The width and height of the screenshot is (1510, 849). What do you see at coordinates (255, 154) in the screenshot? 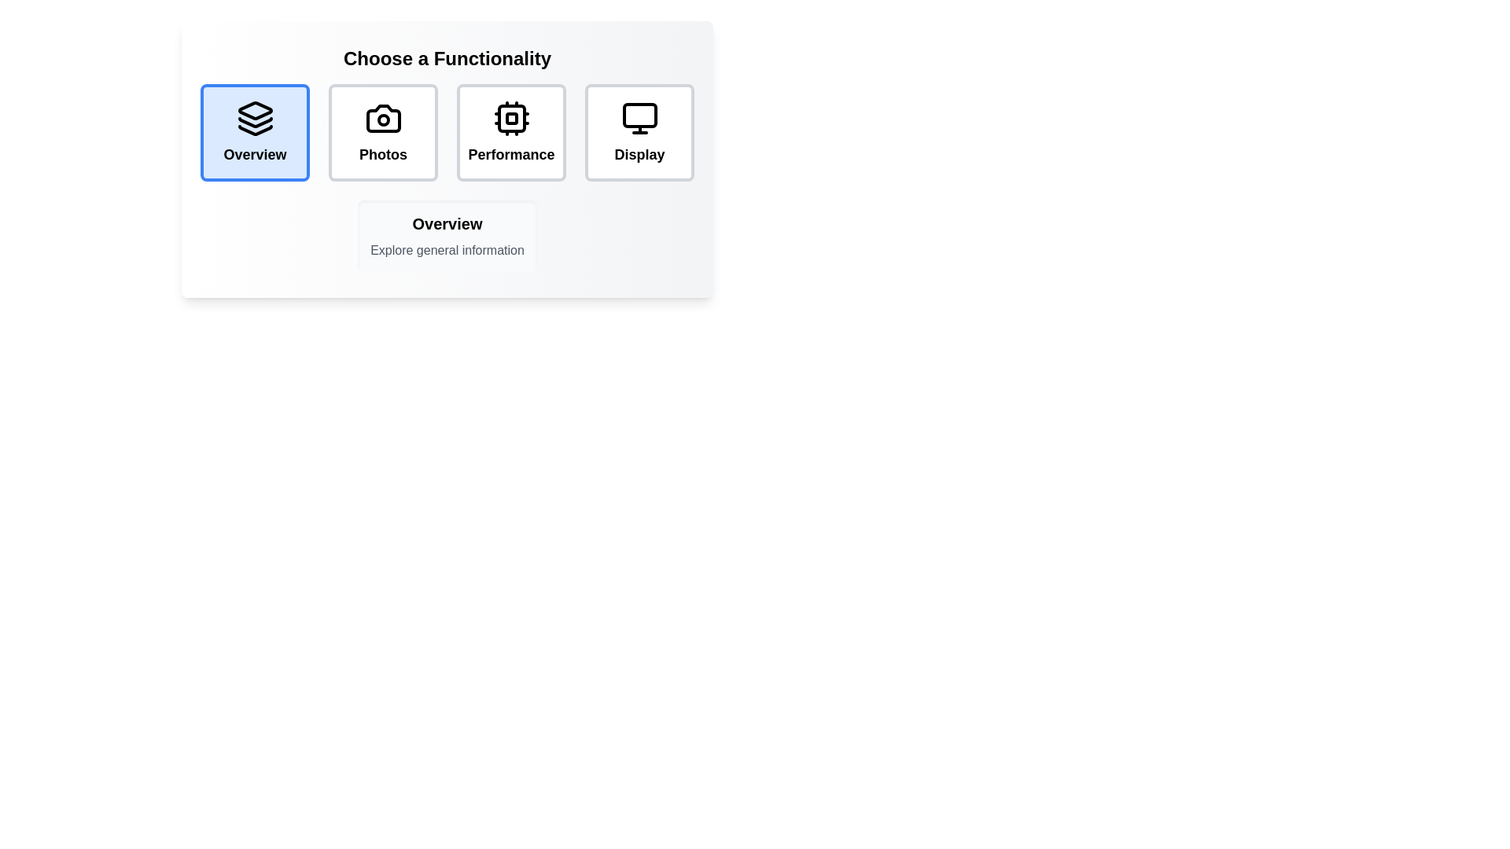
I see `text label located beneath the stacked layers icon in the 'Choose a Functionality' section, which serves as a title for an interactive button or card` at bounding box center [255, 154].